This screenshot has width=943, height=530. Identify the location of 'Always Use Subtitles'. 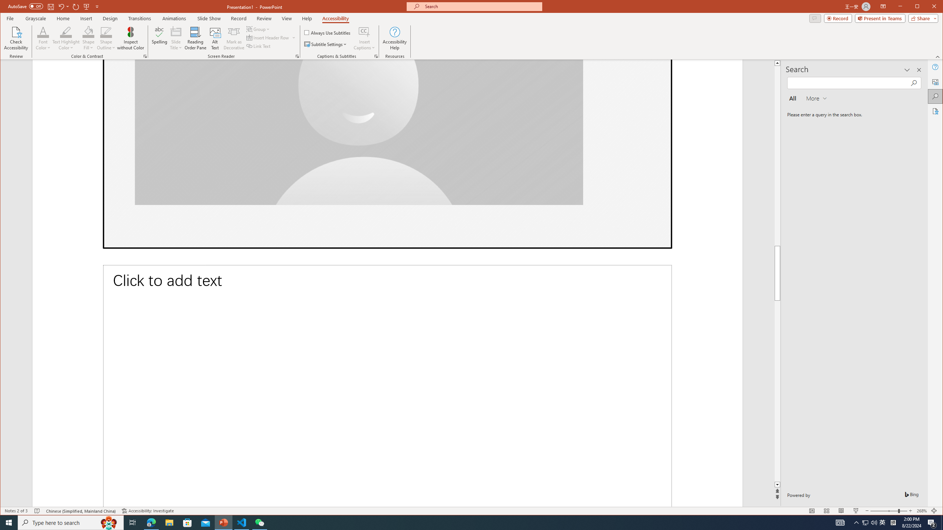
(327, 32).